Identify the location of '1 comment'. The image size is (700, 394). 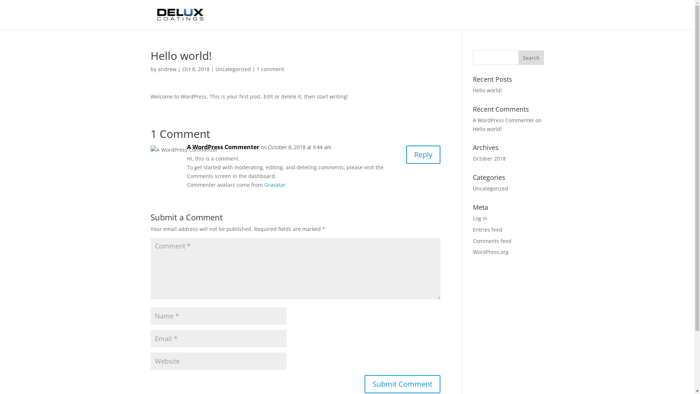
(270, 69).